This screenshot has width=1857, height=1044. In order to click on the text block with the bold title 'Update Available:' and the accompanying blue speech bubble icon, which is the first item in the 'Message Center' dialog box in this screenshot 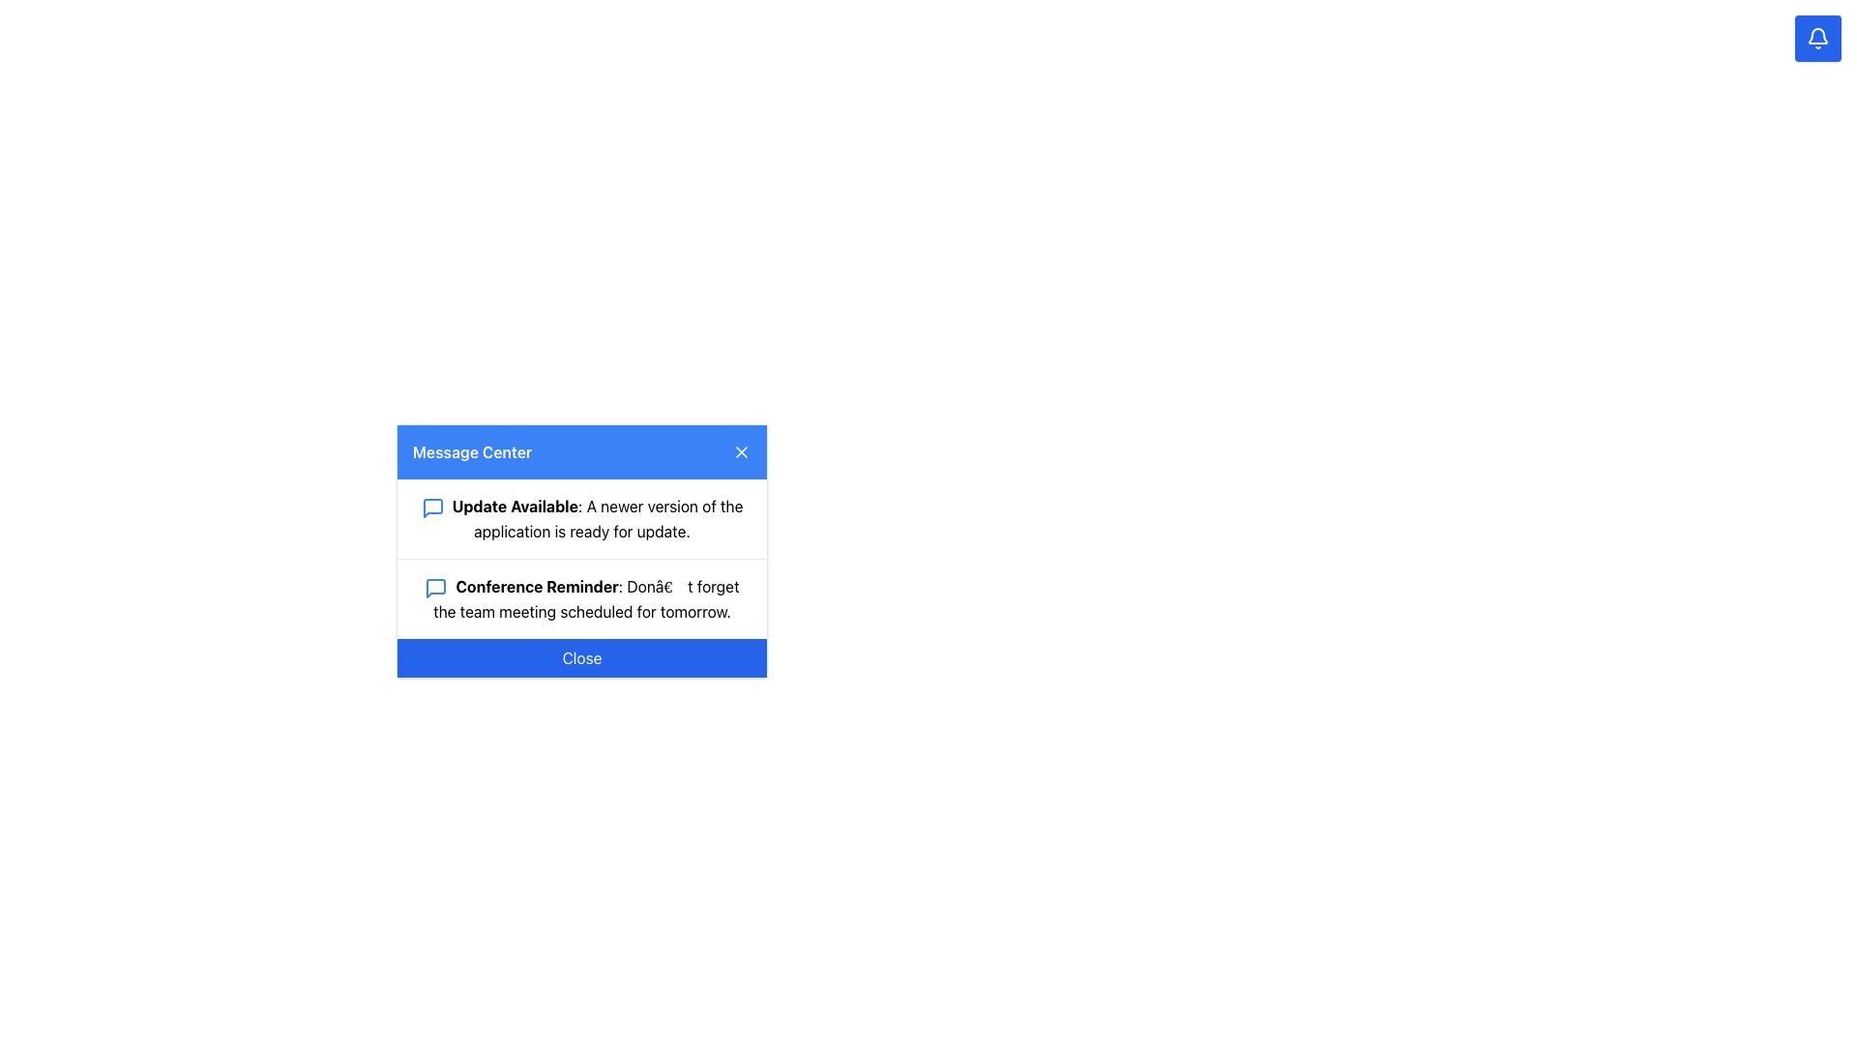, I will do `click(580, 517)`.